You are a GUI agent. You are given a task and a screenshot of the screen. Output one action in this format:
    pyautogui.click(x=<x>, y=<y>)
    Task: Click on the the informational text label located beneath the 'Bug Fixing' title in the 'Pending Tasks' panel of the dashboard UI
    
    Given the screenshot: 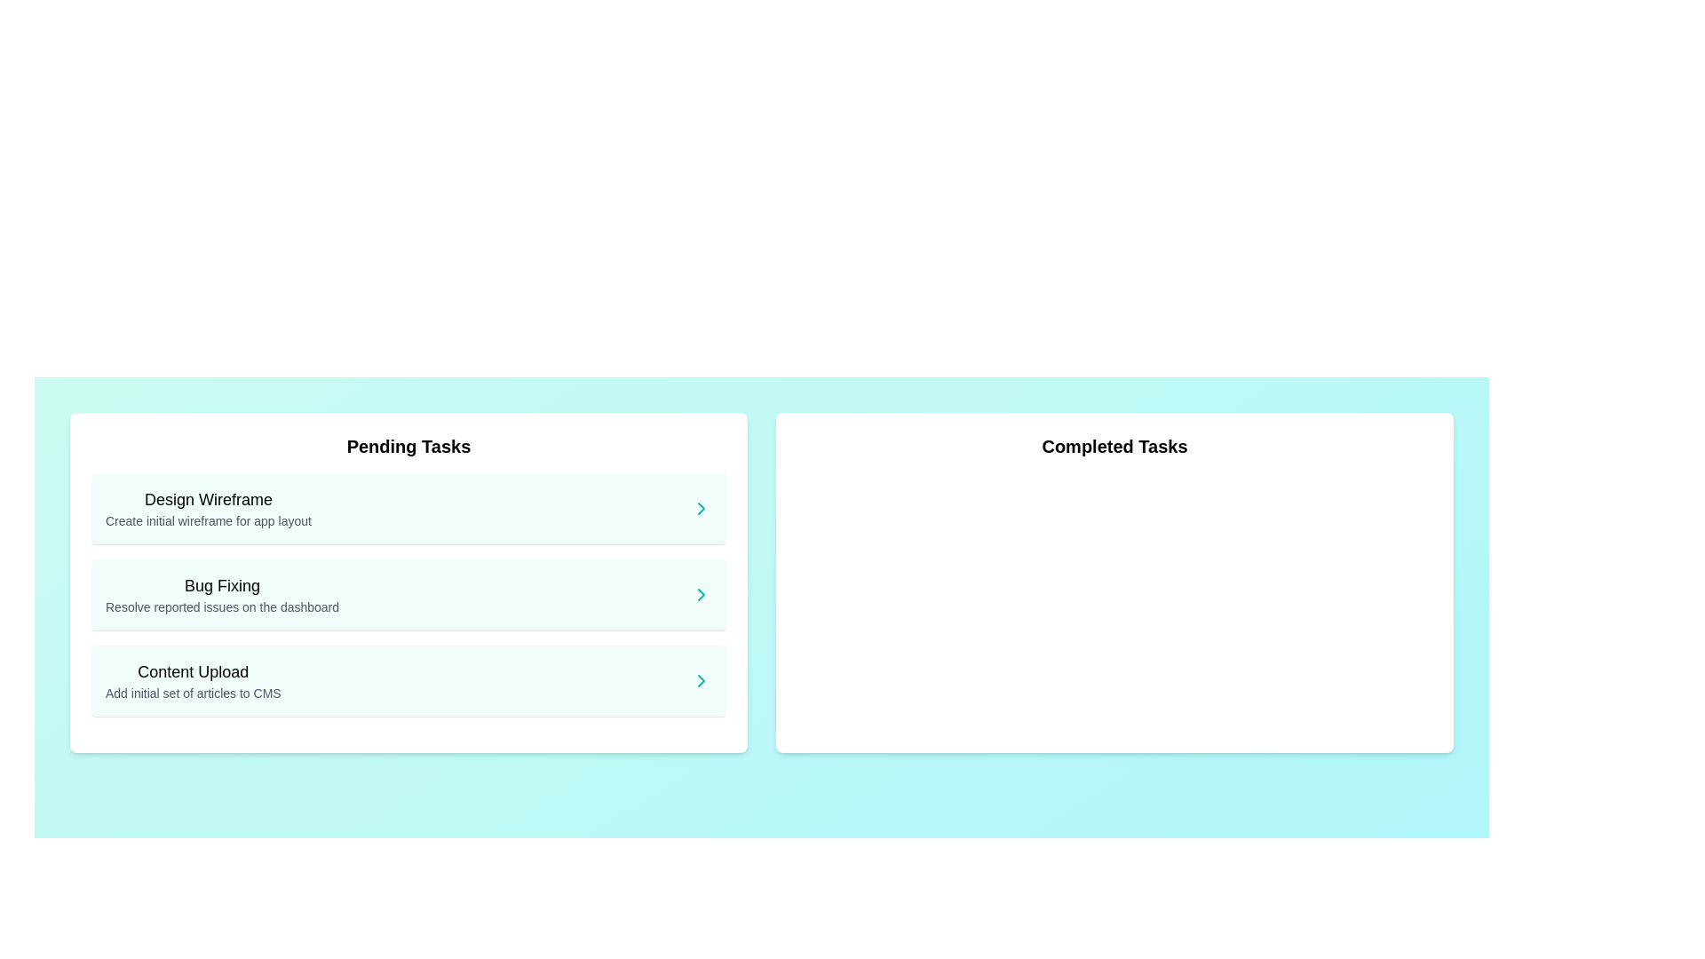 What is the action you would take?
    pyautogui.click(x=221, y=606)
    